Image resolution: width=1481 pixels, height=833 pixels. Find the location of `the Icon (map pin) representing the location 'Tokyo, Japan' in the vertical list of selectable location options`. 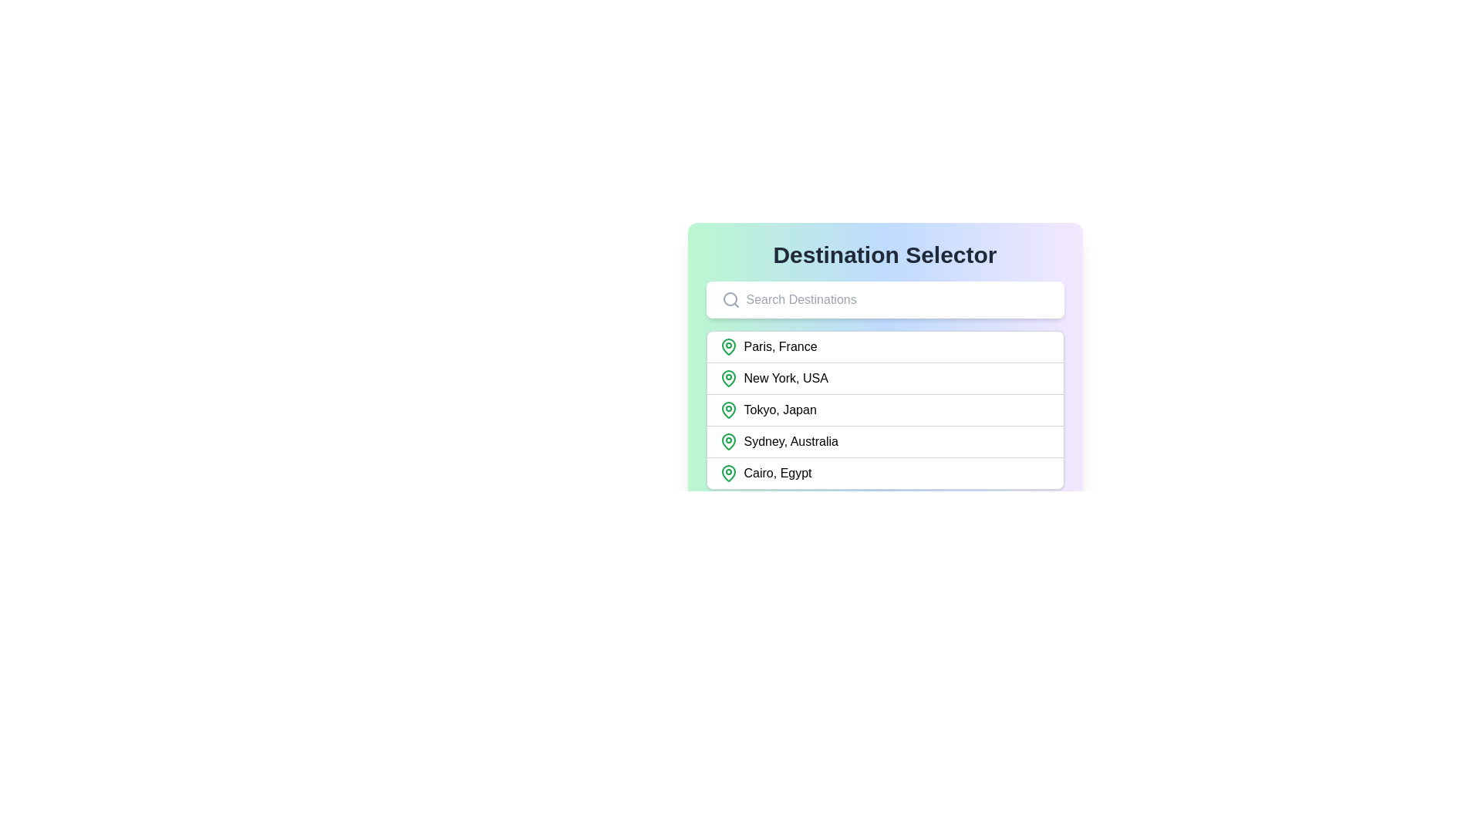

the Icon (map pin) representing the location 'Tokyo, Japan' in the vertical list of selectable location options is located at coordinates (727, 410).